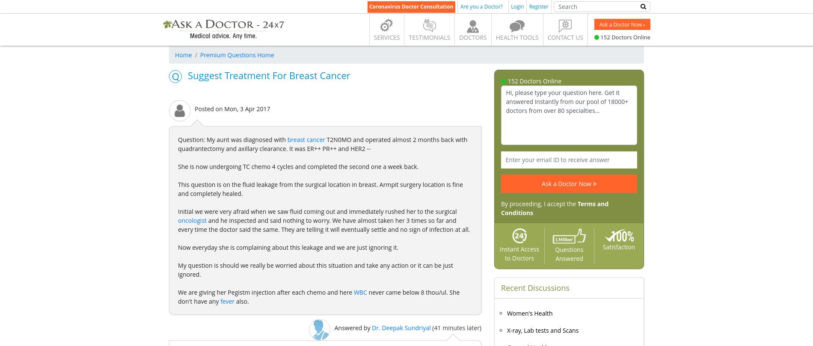 The height and width of the screenshot is (346, 813). What do you see at coordinates (288, 247) in the screenshot?
I see `'Now everyday she is complaining about this leakage and we are just ignoring it.'` at bounding box center [288, 247].